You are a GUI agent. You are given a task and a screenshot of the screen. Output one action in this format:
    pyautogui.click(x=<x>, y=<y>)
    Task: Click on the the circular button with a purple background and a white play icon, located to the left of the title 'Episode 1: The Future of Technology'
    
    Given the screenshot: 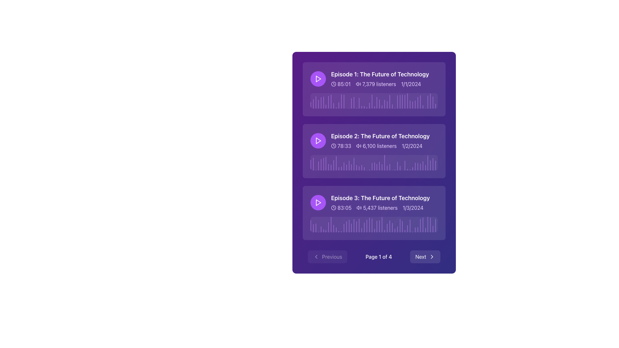 What is the action you would take?
    pyautogui.click(x=318, y=79)
    